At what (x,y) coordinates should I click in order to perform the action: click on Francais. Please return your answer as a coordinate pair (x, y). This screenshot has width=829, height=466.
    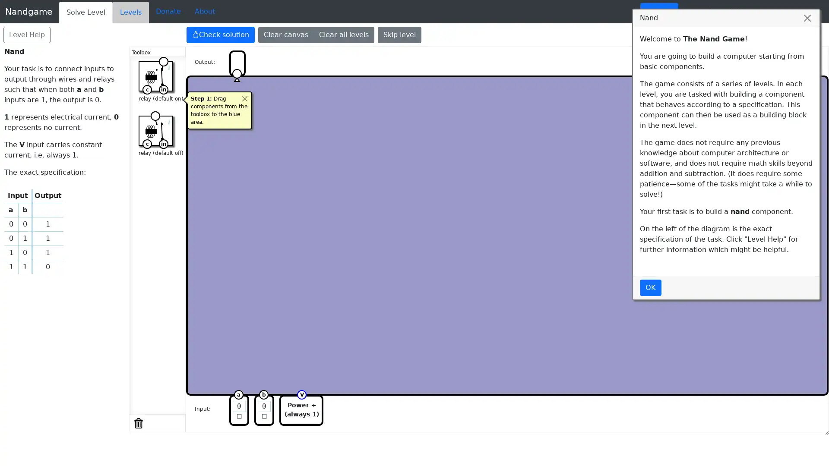
    Looking at the image, I should click on (769, 12).